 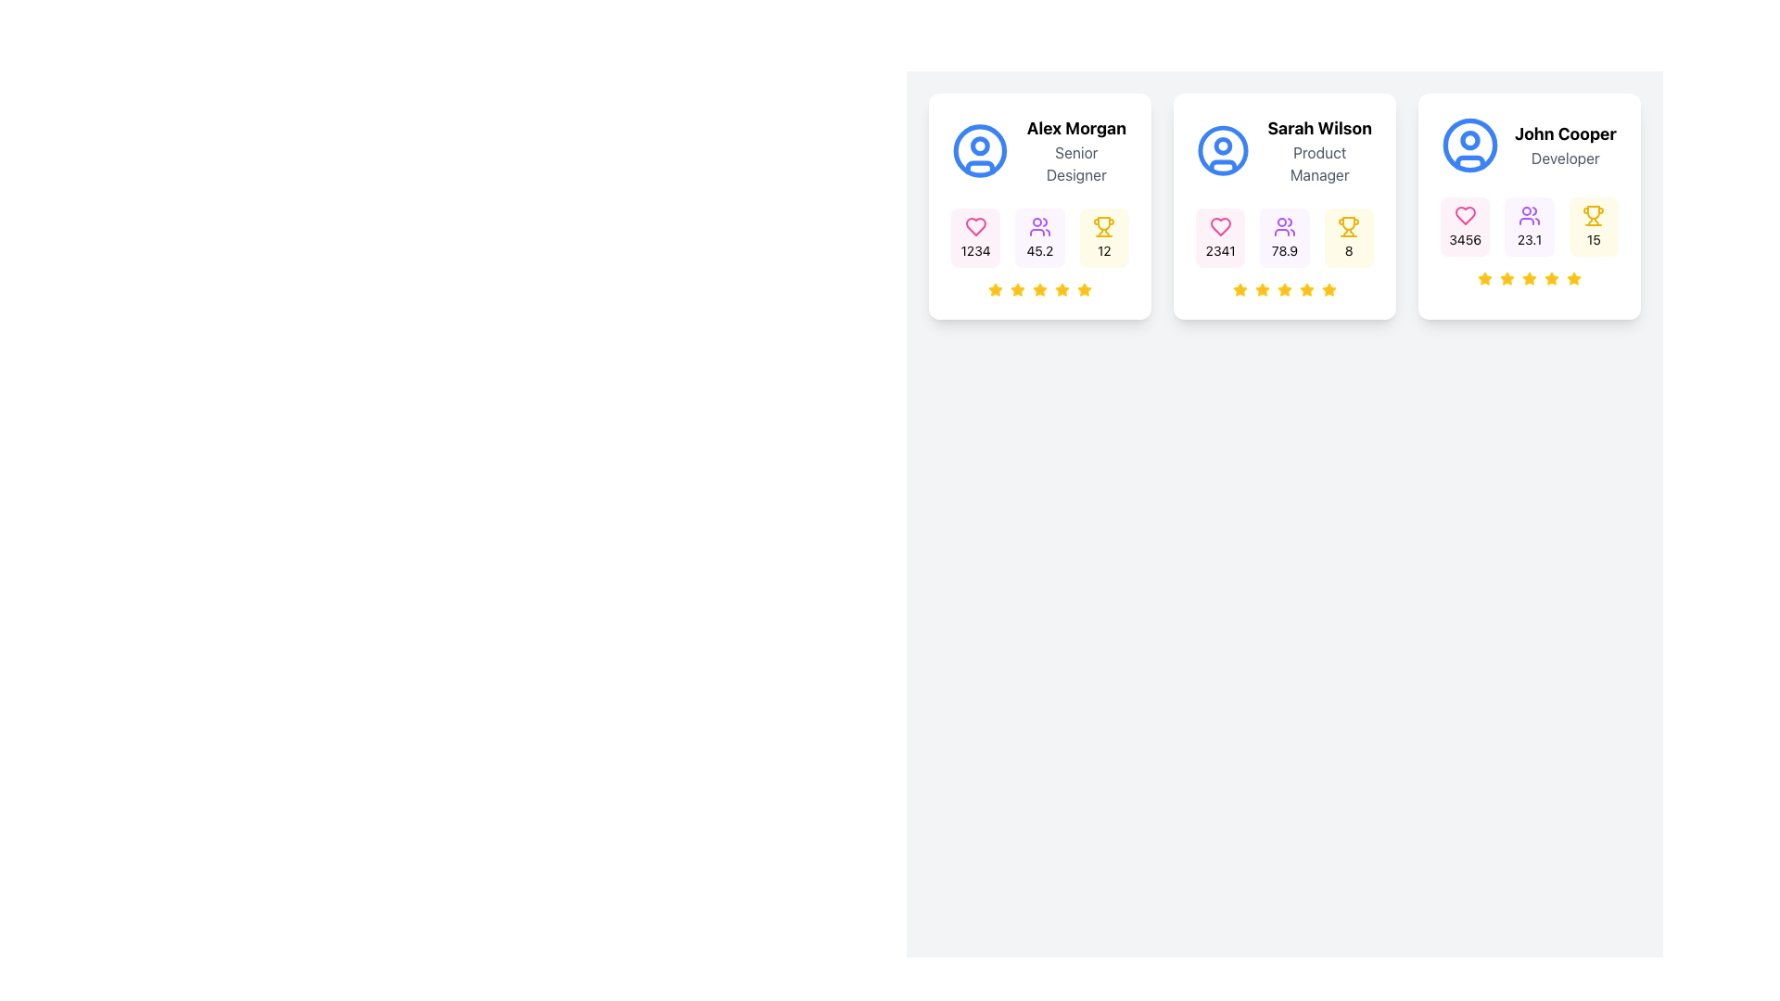 I want to click on the golden-yellow trophy icon located in the rightmost card under the name 'John Cooper', which is the third icon in the second row, next to a pink heart icon and a purple person icon, so click(x=1593, y=211).